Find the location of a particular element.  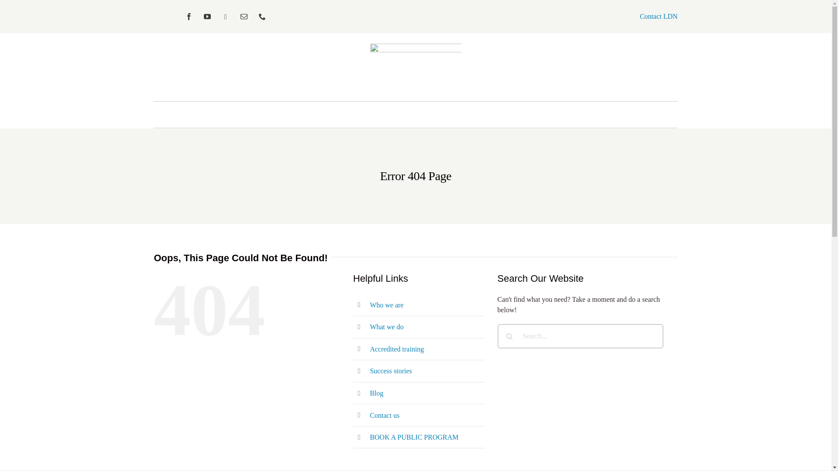

'Facebook' is located at coordinates (188, 17).